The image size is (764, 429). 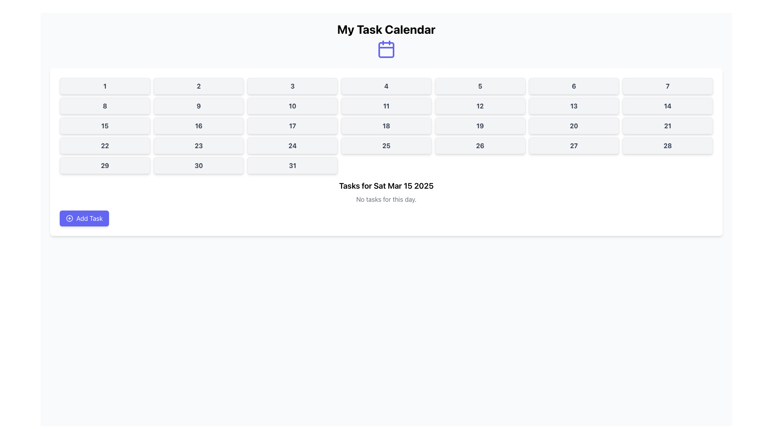 What do you see at coordinates (386, 49) in the screenshot?
I see `the calendar icon located beneath the 'My Task Calendar' text, which serves as a symbolic representation of the calendar` at bounding box center [386, 49].